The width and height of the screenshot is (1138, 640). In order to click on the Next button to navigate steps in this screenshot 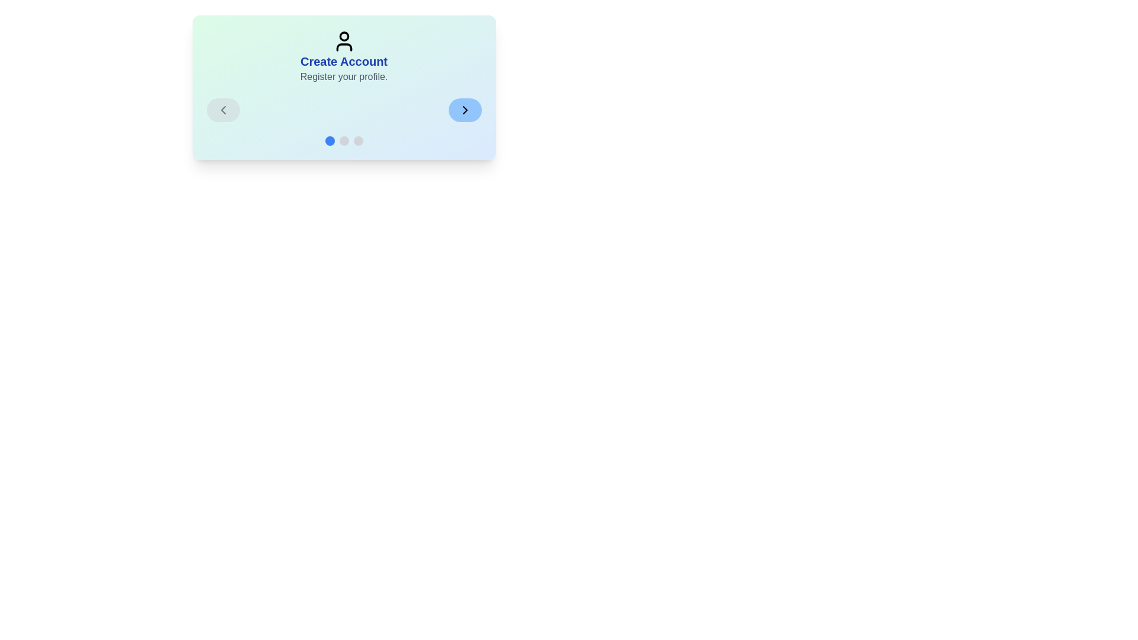, I will do `click(464, 110)`.